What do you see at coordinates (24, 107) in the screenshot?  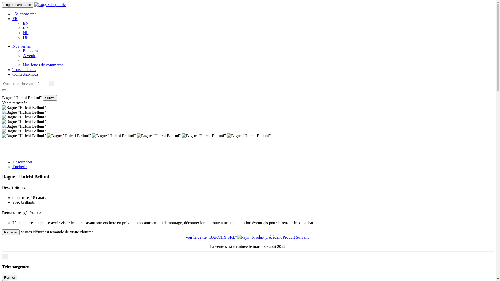 I see `'Bague "Hulchi Belluni"'` at bounding box center [24, 107].